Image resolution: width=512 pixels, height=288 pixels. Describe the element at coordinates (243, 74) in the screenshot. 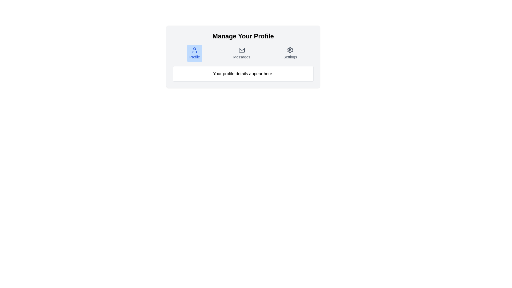

I see `the informational text element that serves as a placeholder for user profile details, located within a rounded, bordered white box beneath the icons for Profile, Messages, and Settings` at that location.